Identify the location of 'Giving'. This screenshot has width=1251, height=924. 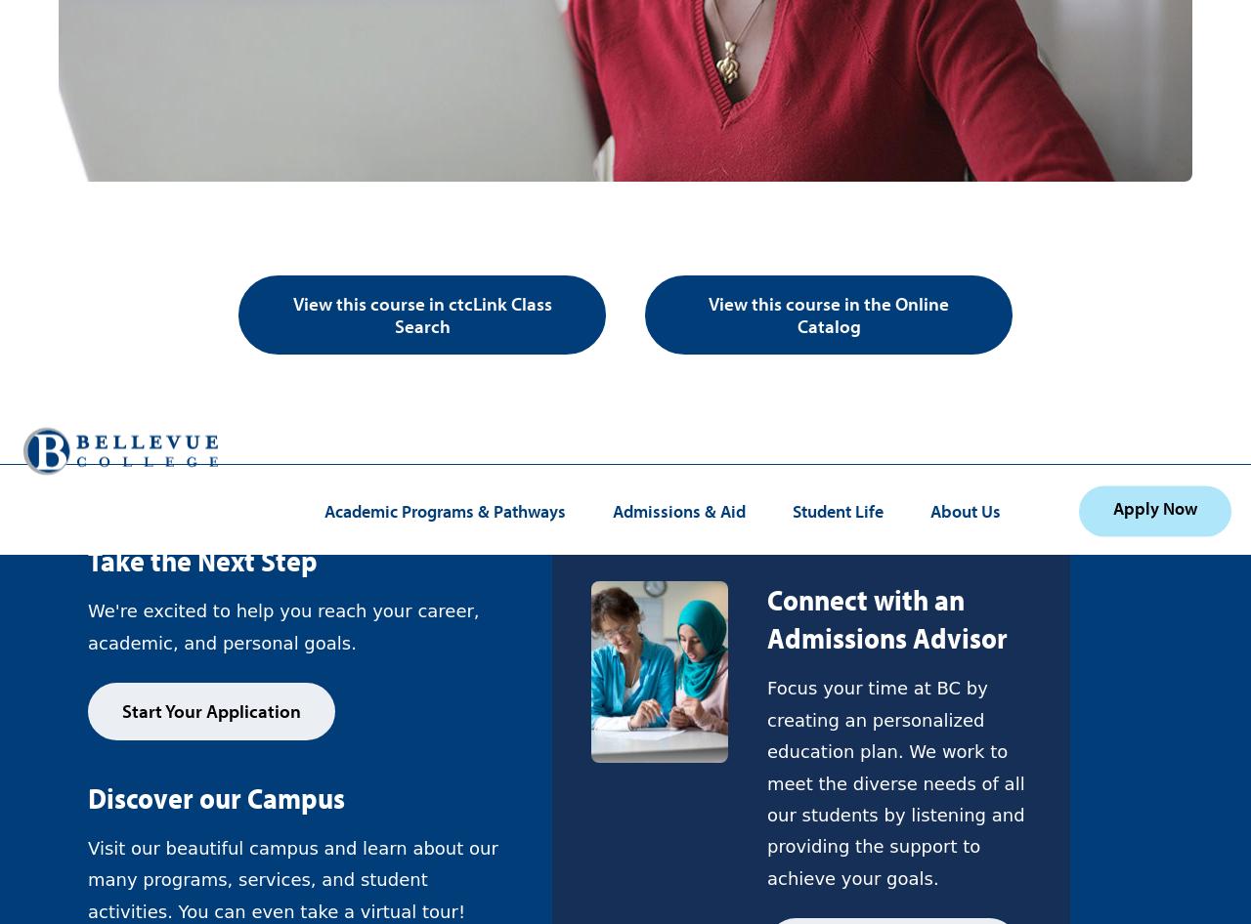
(114, 31).